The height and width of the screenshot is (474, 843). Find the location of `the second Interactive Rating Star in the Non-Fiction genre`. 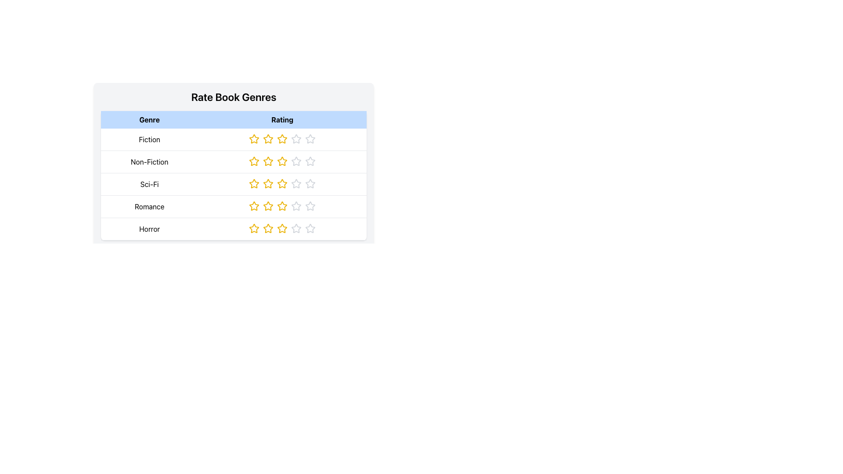

the second Interactive Rating Star in the Non-Fiction genre is located at coordinates (268, 161).